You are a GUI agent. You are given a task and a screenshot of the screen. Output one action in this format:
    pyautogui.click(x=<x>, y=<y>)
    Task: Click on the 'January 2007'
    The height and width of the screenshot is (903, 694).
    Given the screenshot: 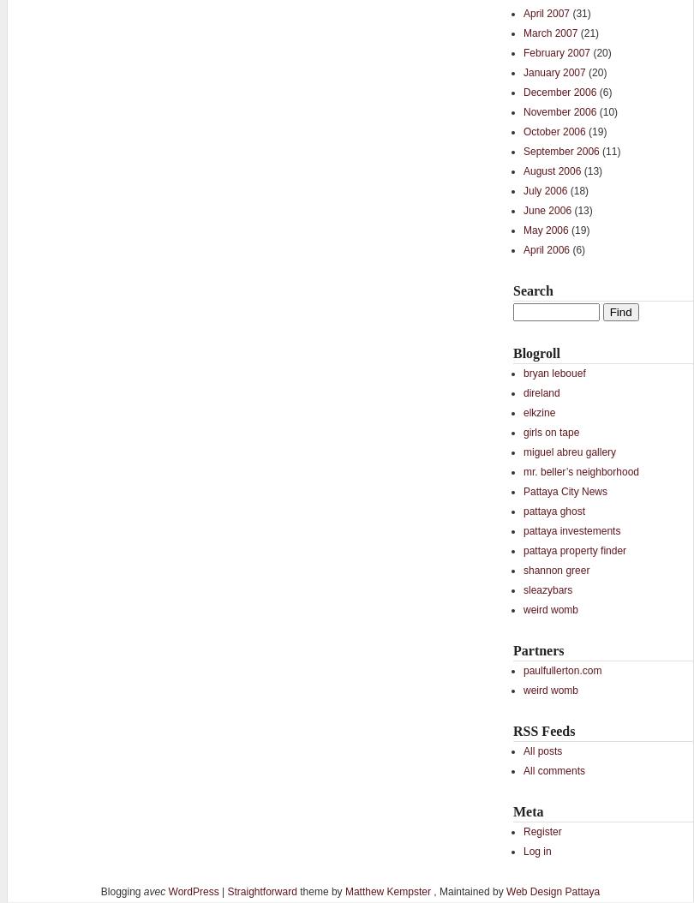 What is the action you would take?
    pyautogui.click(x=553, y=71)
    